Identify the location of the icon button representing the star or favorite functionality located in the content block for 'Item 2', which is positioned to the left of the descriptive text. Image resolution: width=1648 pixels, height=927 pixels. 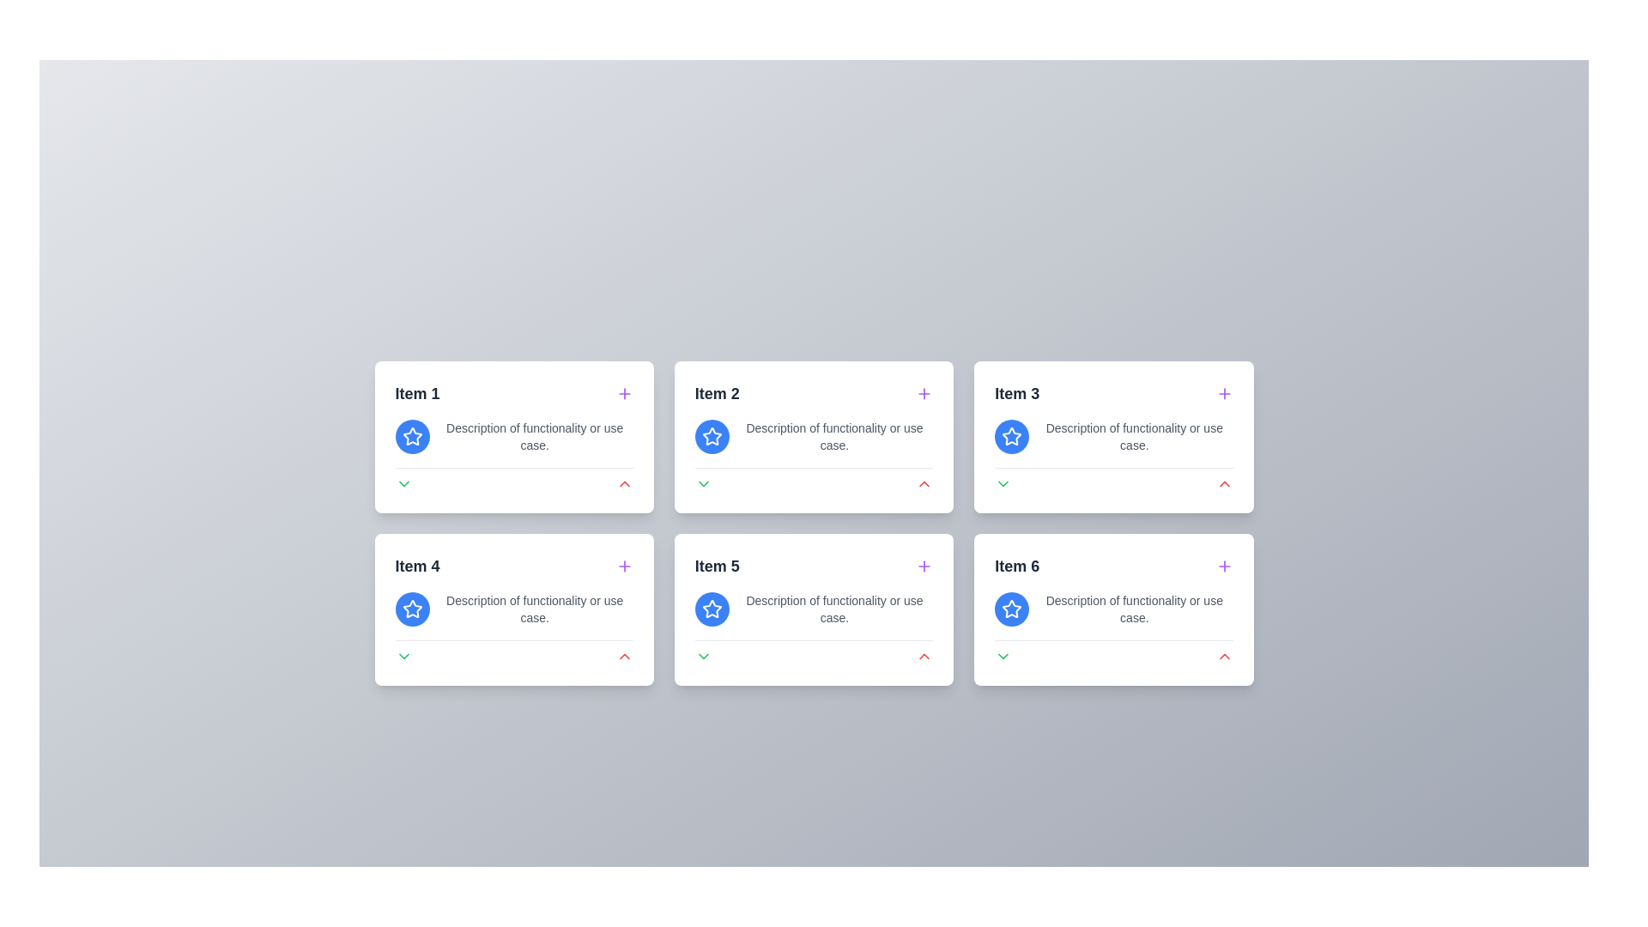
(712, 436).